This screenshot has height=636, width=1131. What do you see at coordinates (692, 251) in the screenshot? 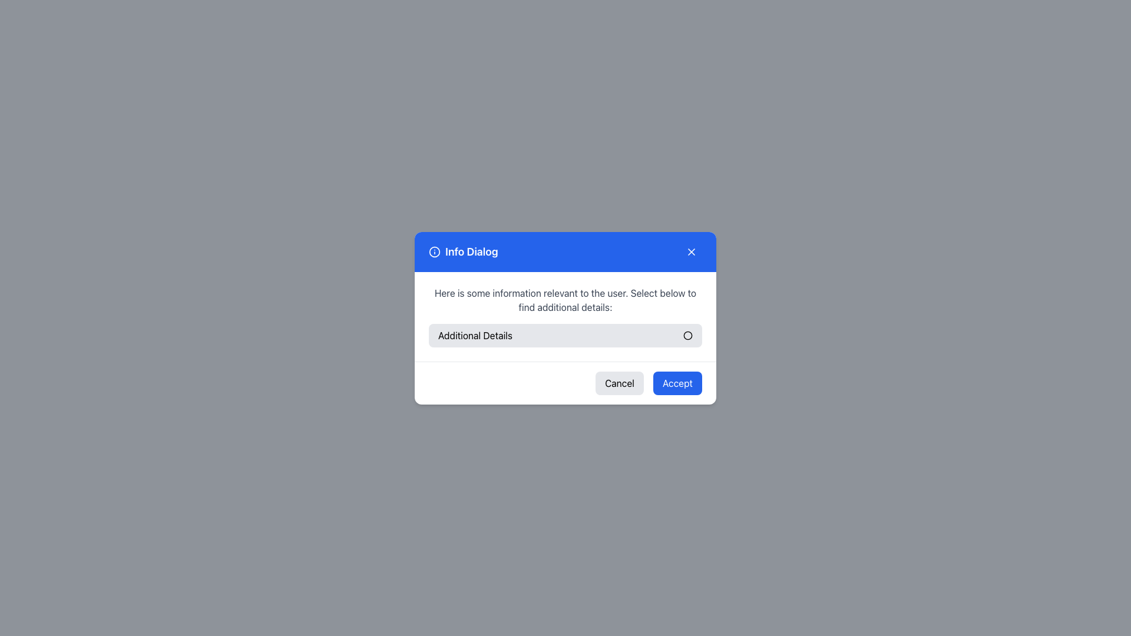
I see `the close button located in the top-right corner of the blue header bar of the dialog box` at bounding box center [692, 251].